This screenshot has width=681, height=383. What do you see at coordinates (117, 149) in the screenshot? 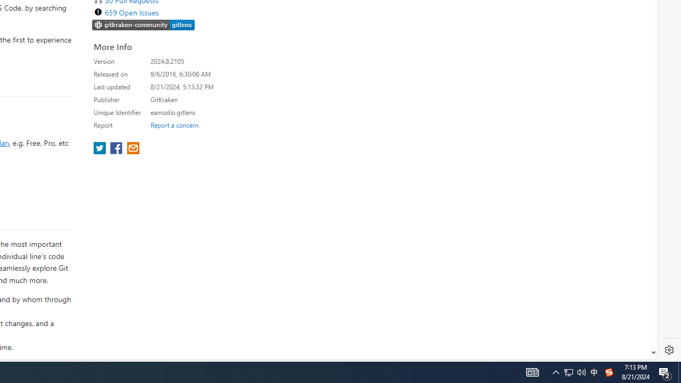
I see `'share extension on facebook'` at bounding box center [117, 149].